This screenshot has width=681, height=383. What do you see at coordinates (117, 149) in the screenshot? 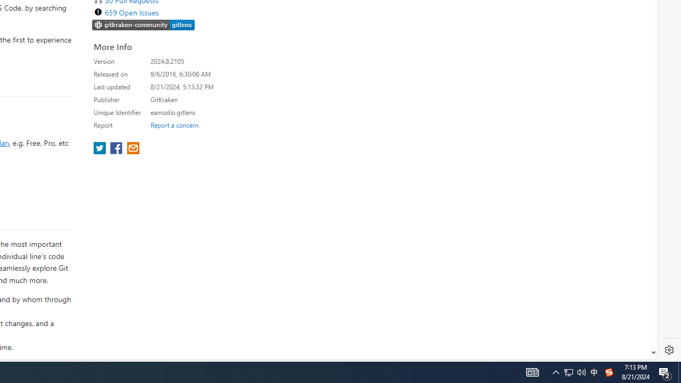
I see `'share extension on facebook'` at bounding box center [117, 149].